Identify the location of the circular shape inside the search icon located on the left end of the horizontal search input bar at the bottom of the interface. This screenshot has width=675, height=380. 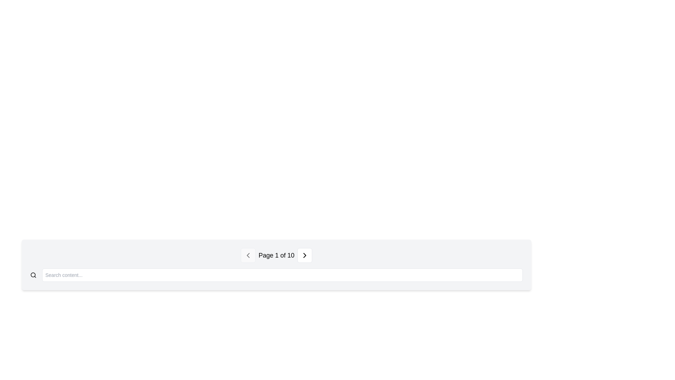
(33, 274).